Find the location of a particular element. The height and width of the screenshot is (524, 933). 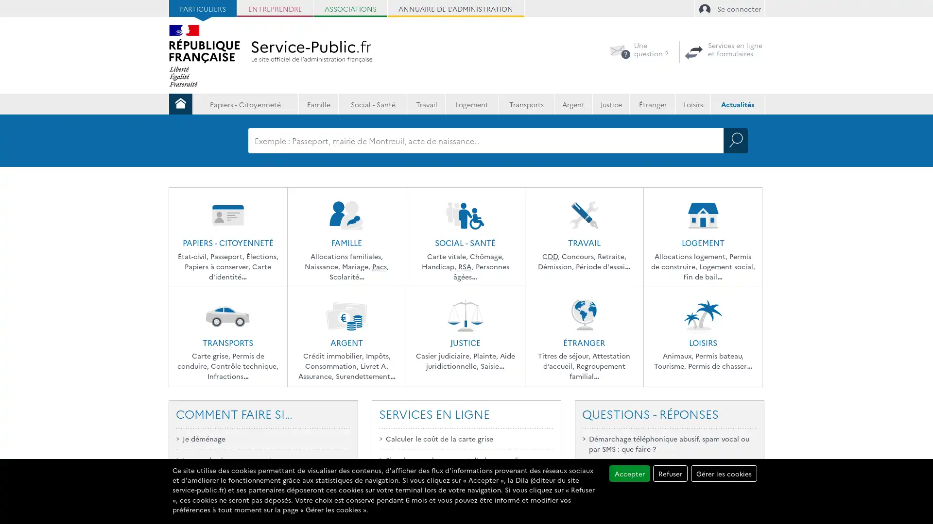

Logement is located at coordinates (471, 103).